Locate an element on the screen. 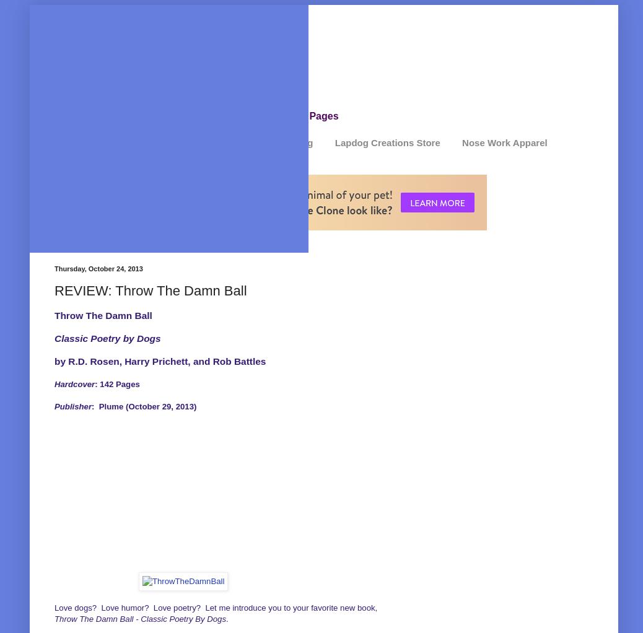 The image size is (643, 633). 'Pages' is located at coordinates (323, 116).